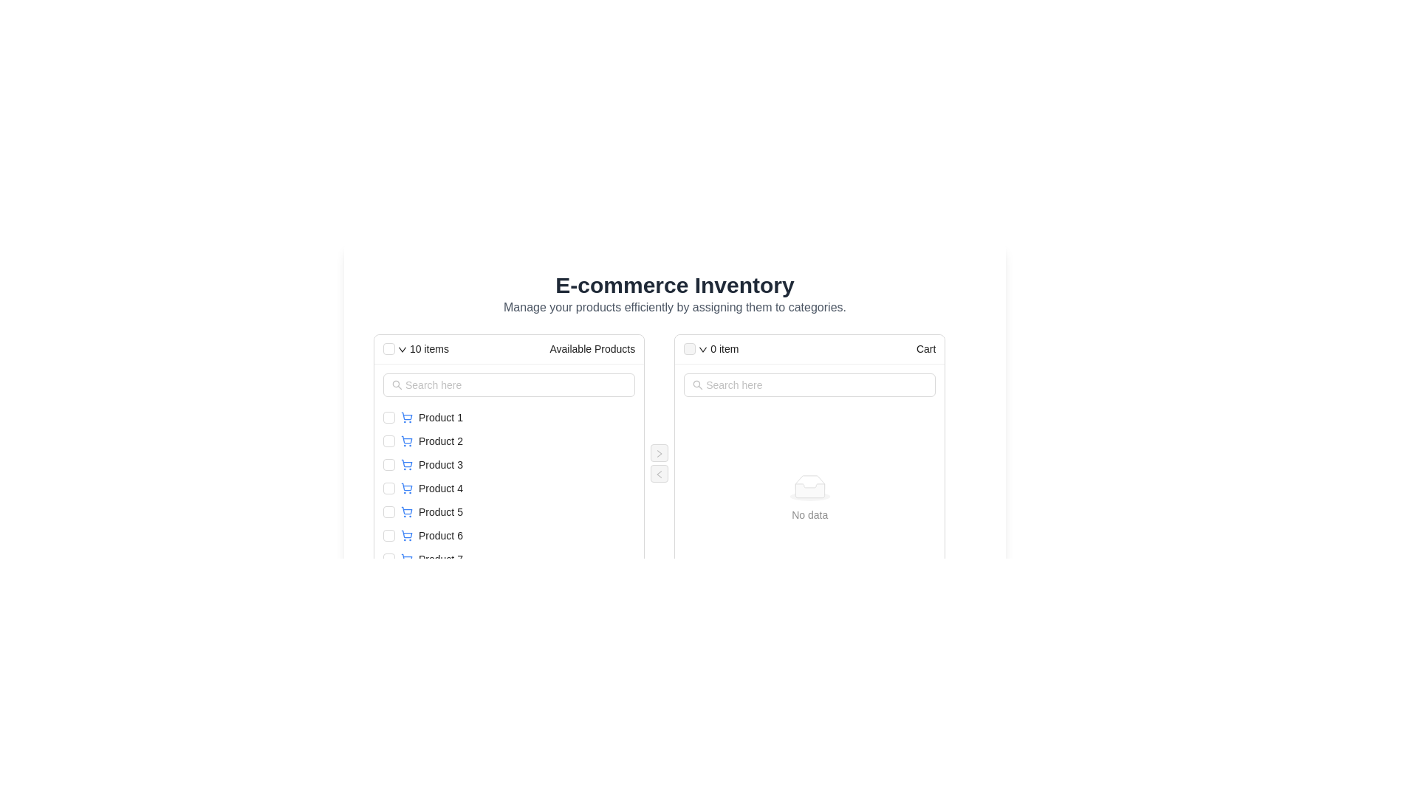 This screenshot has height=797, width=1418. Describe the element at coordinates (509, 463) in the screenshot. I see `the third item labeled 'Product 3' in the scrollable list of 'Available Products'` at that location.